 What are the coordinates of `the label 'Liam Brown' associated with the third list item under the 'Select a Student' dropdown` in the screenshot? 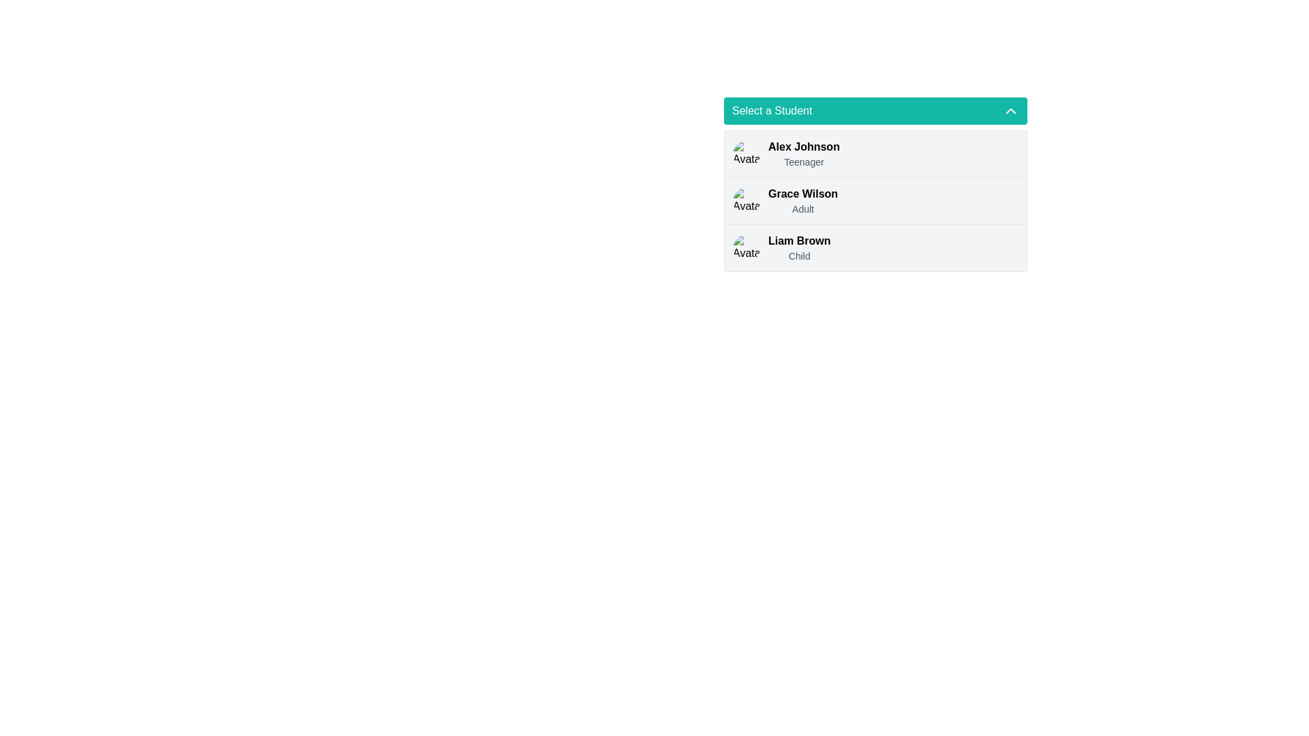 It's located at (799, 247).